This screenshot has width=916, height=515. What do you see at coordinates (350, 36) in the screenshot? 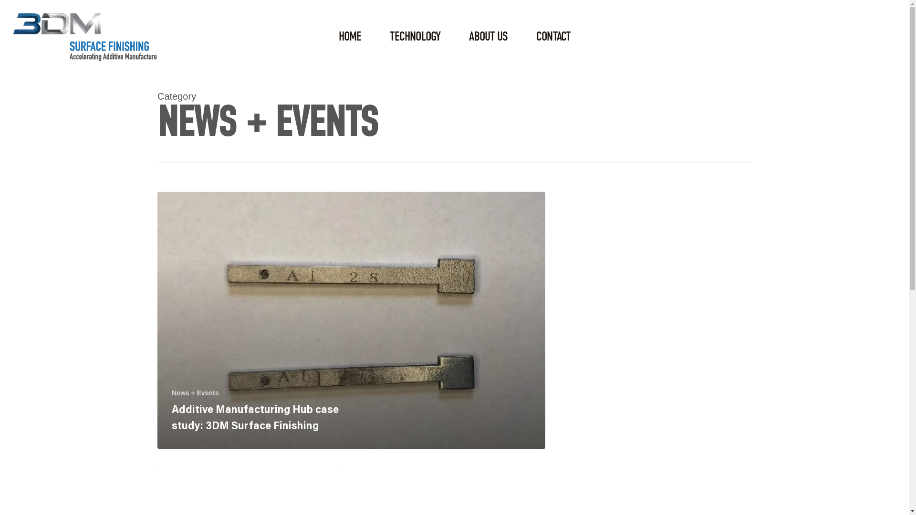
I see `'HOME'` at bounding box center [350, 36].